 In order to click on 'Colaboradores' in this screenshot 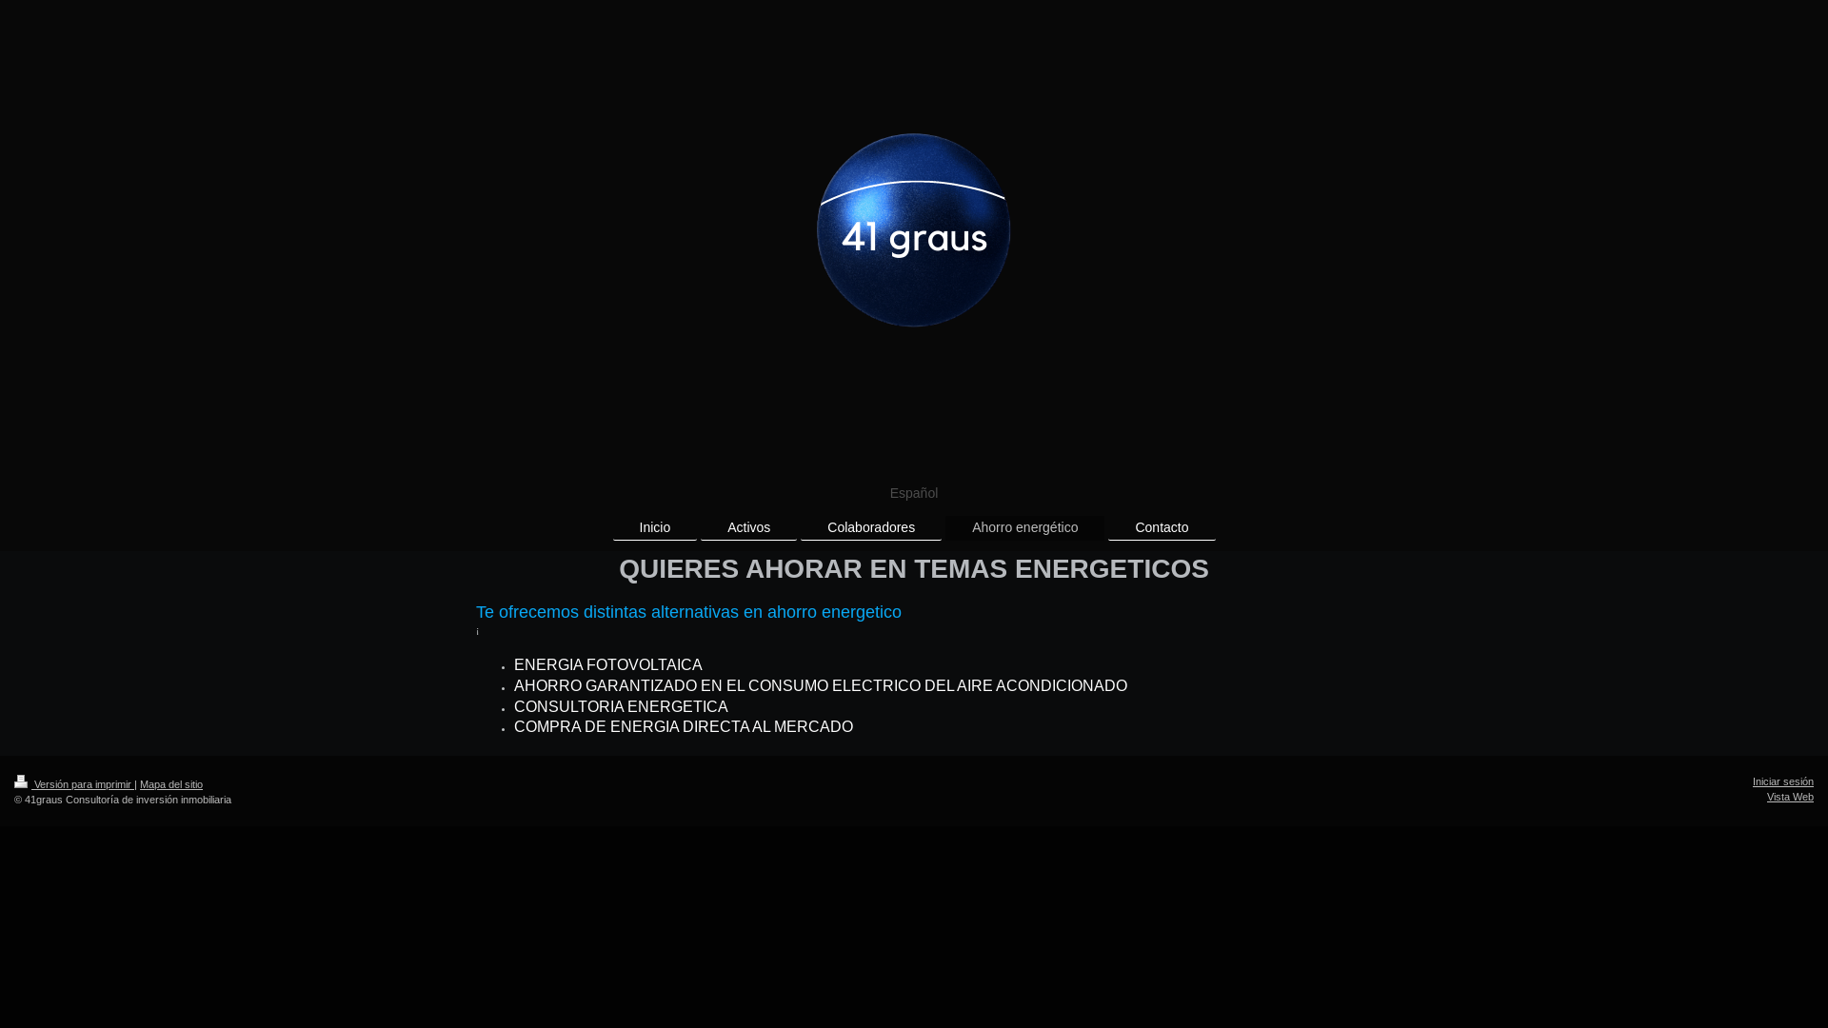, I will do `click(870, 527)`.